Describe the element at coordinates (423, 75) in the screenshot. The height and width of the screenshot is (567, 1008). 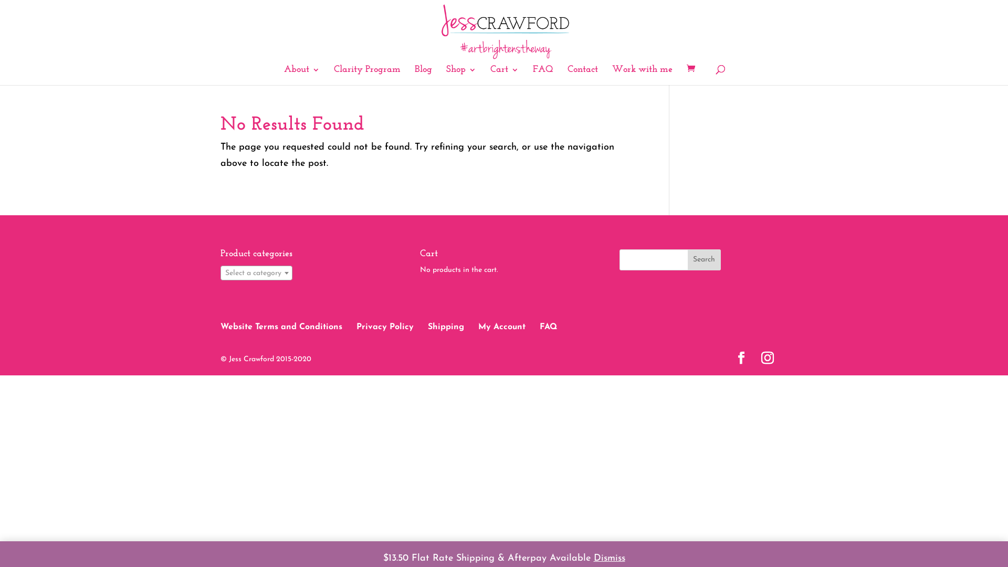
I see `'Blog'` at that location.